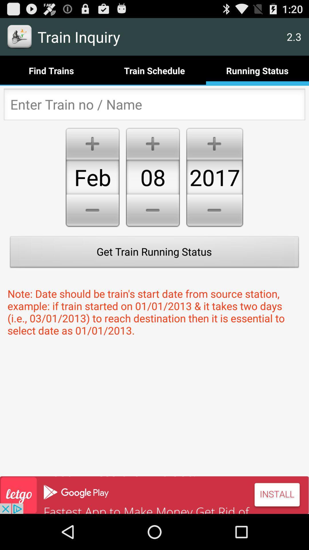 The width and height of the screenshot is (309, 550). Describe the element at coordinates (152, 211) in the screenshot. I see `symbol below 08` at that location.